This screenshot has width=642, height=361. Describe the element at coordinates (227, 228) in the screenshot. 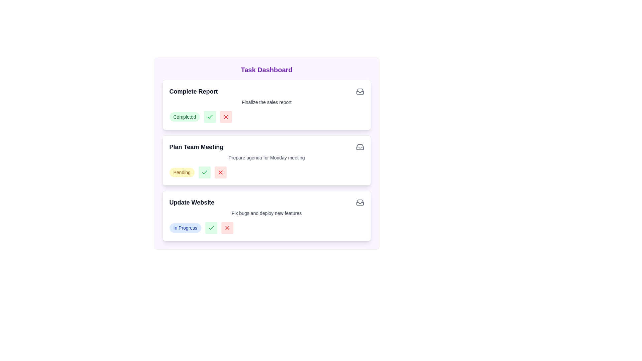

I see `'X' button corresponding to the task with title 'Update Website' to set its status to 'Cancelled'` at that location.